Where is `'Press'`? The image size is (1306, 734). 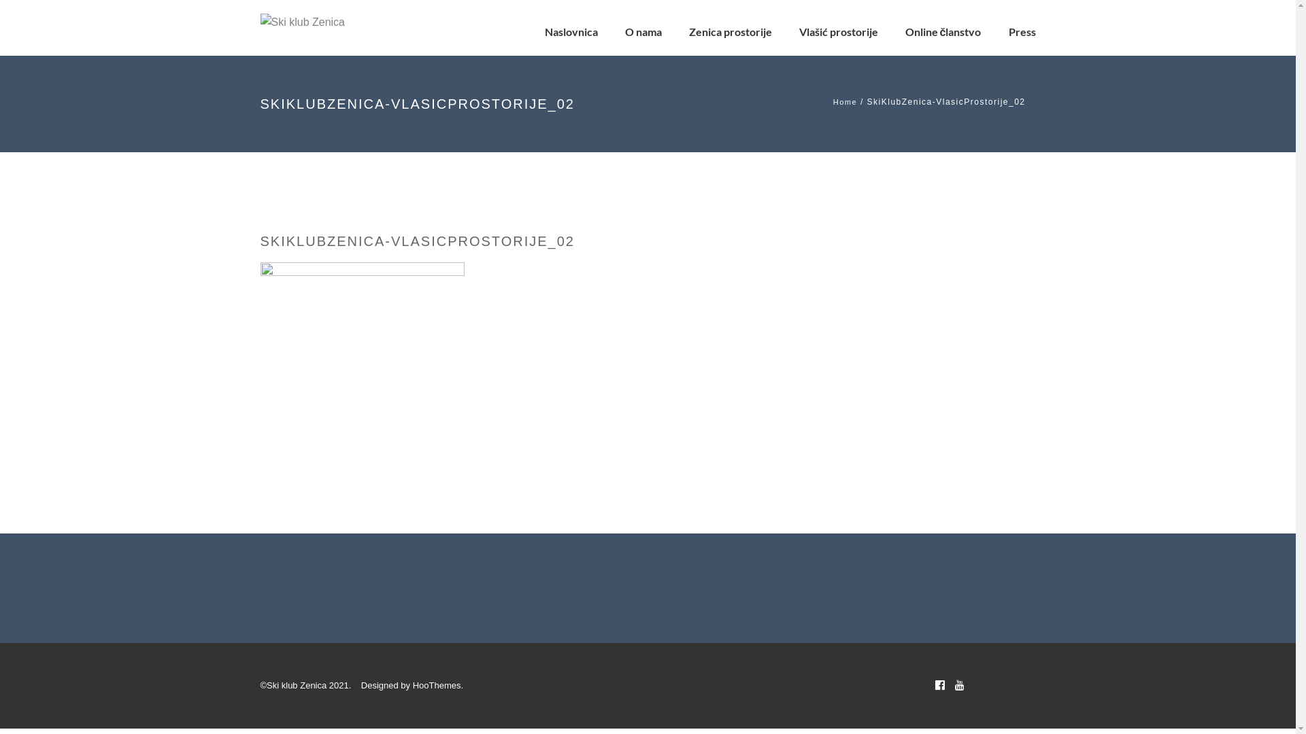 'Press' is located at coordinates (1022, 31).